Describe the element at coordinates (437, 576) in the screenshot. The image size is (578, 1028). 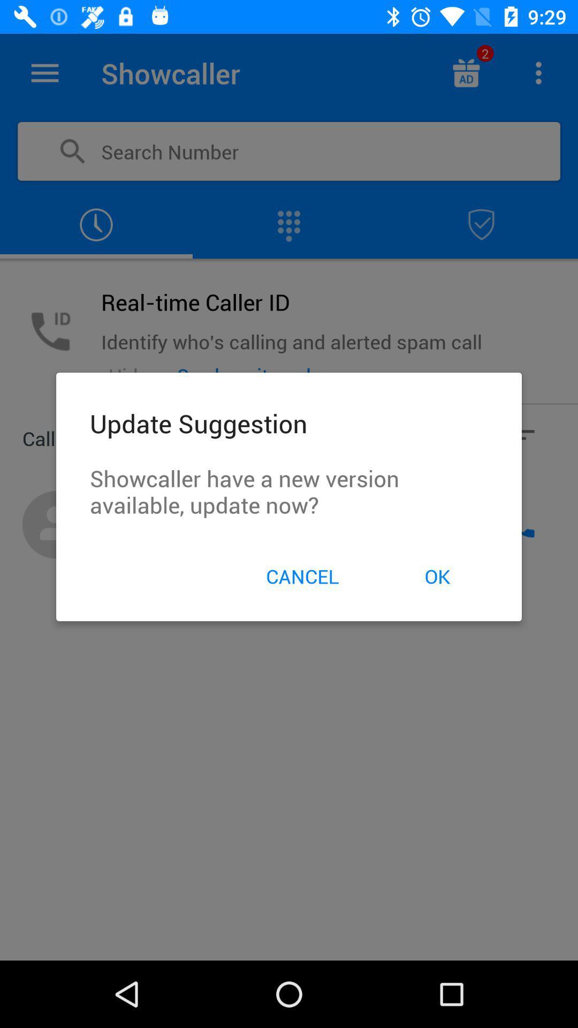
I see `ok item` at that location.